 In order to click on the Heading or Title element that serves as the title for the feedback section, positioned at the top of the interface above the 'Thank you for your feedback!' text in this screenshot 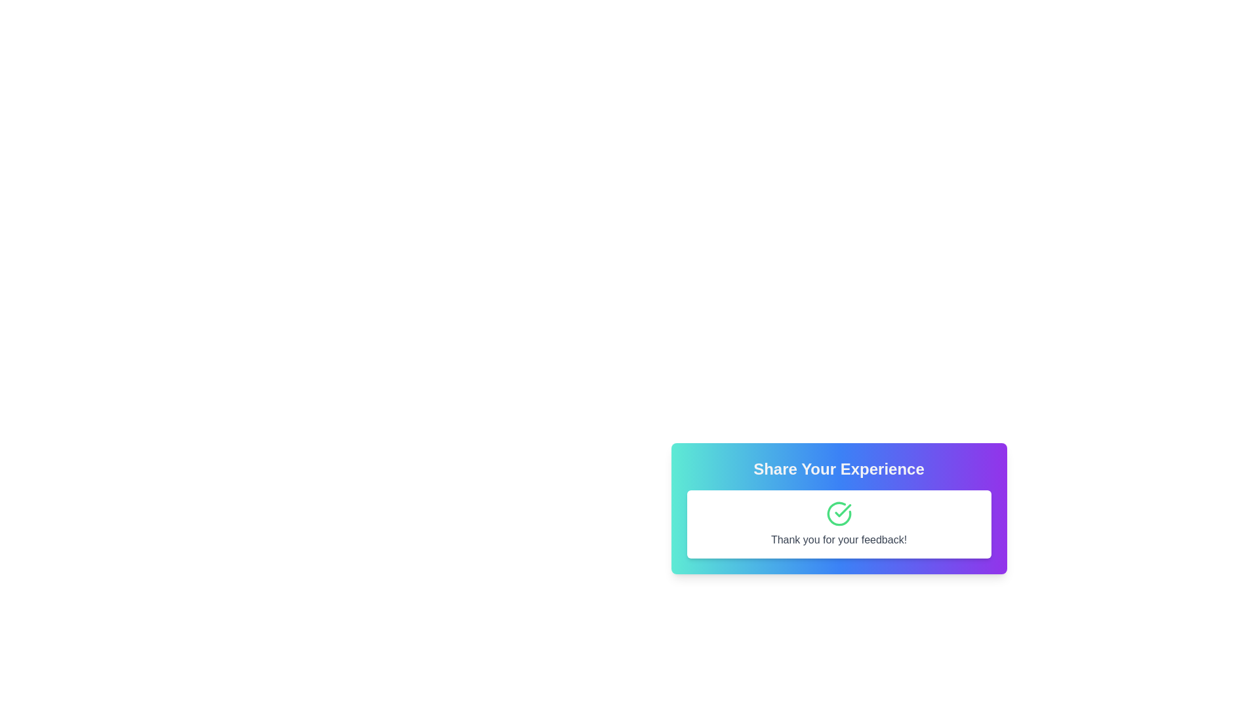, I will do `click(838, 469)`.